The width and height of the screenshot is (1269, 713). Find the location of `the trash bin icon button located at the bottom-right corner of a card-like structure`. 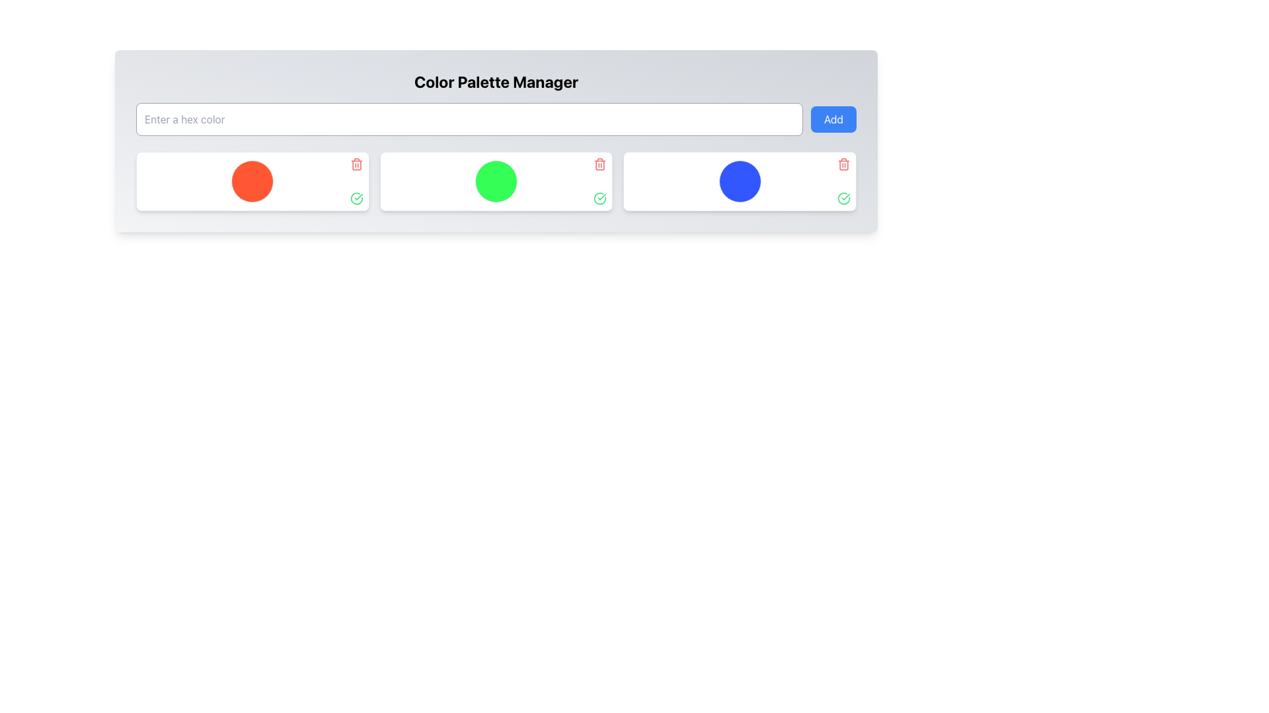

the trash bin icon button located at the bottom-right corner of a card-like structure is located at coordinates (843, 164).